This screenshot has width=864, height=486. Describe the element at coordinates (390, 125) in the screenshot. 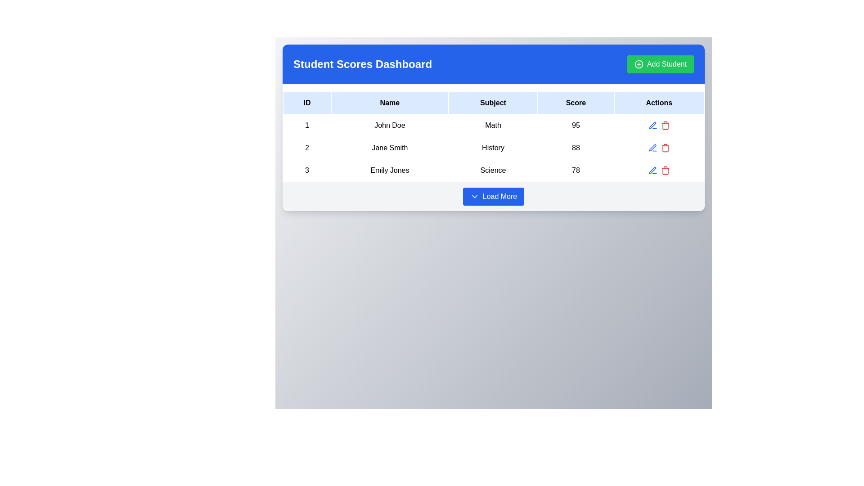

I see `the text label displaying 'John Doe' in the 'Name' column of the first record in the table` at that location.